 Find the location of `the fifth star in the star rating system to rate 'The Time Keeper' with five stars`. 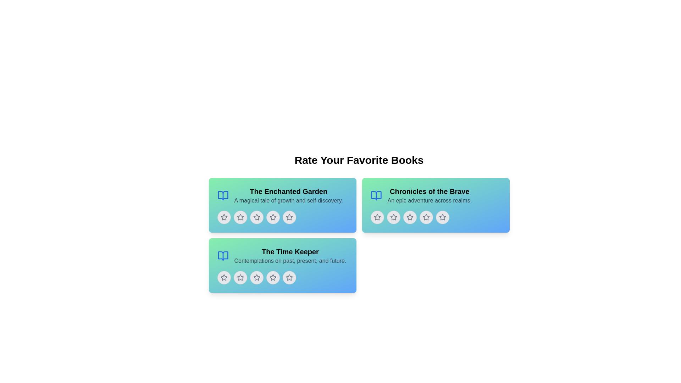

the fifth star in the star rating system to rate 'The Time Keeper' with five stars is located at coordinates (289, 277).